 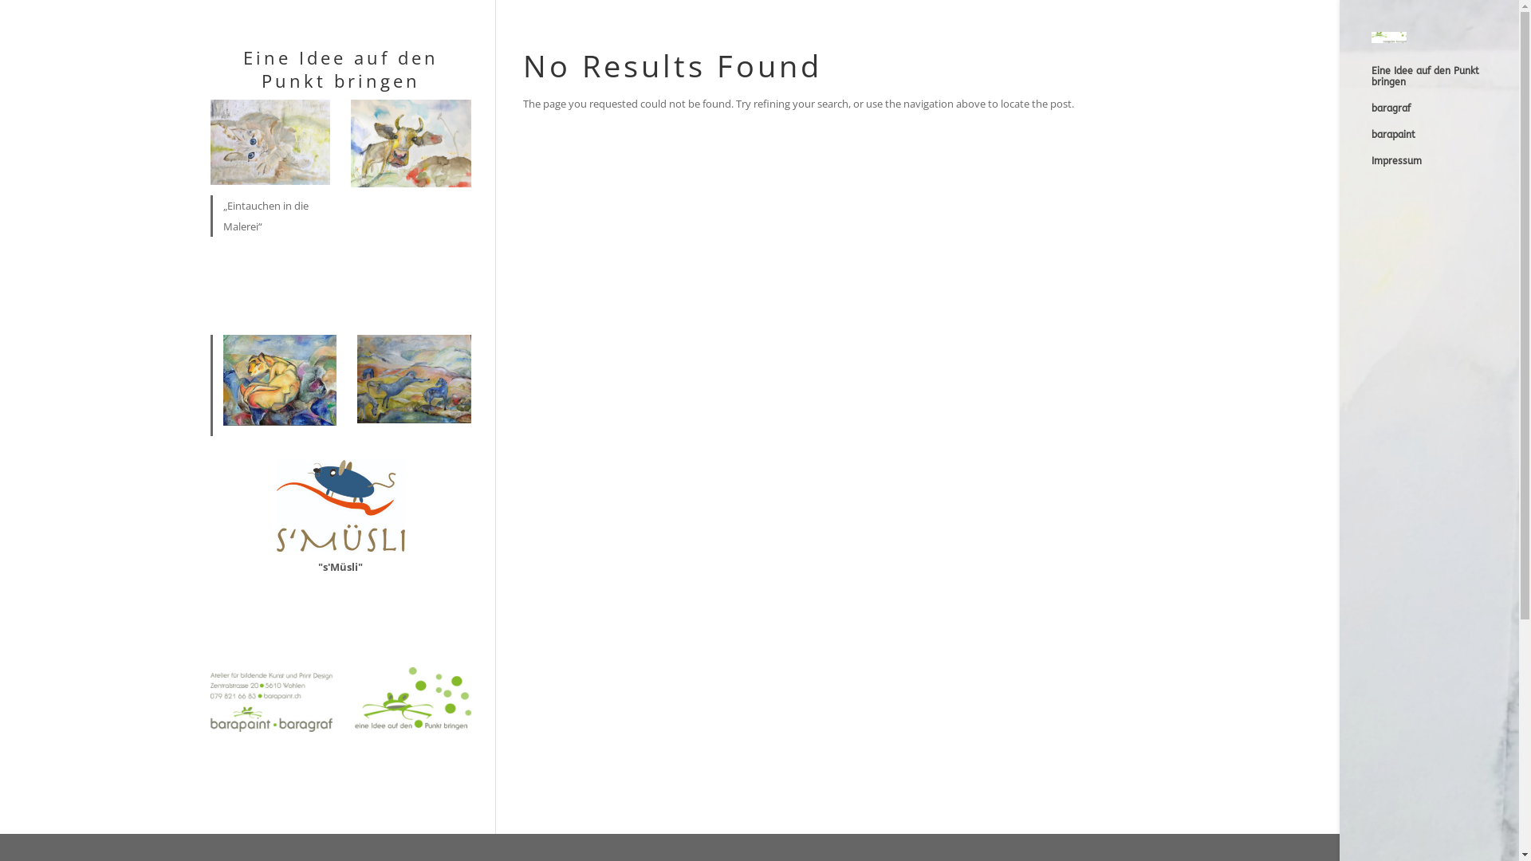 I want to click on 'Impressum', so click(x=1445, y=168).